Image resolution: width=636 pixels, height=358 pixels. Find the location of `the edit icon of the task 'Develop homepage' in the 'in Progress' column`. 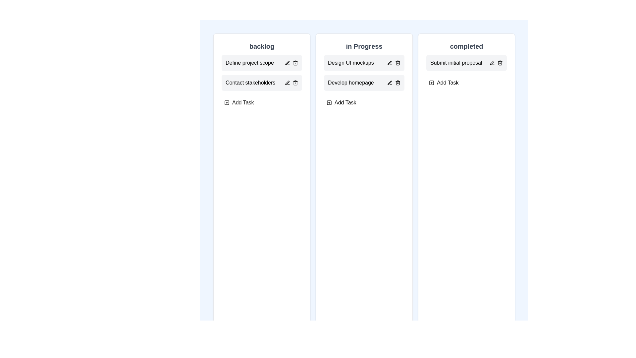

the edit icon of the task 'Develop homepage' in the 'in Progress' column is located at coordinates (390, 83).